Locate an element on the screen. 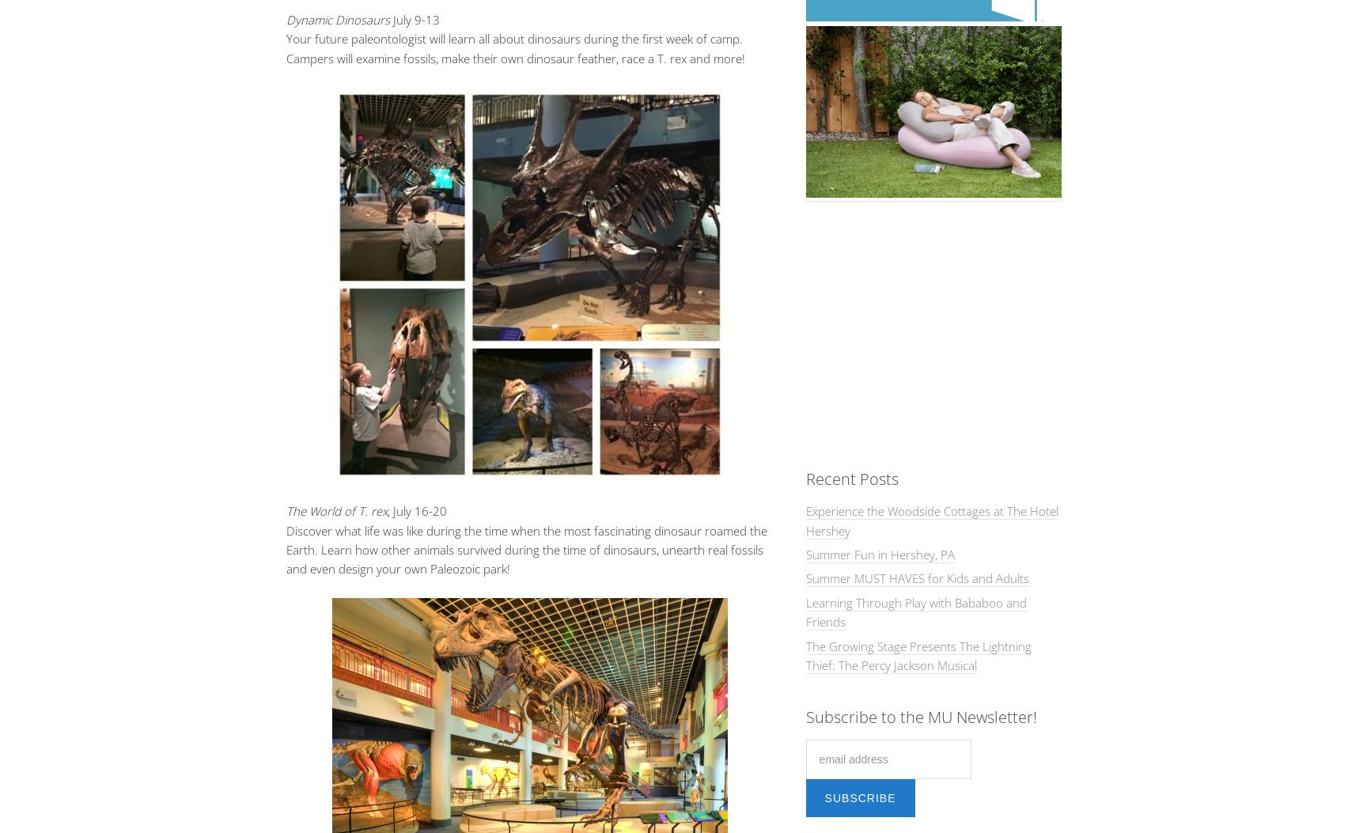  ', July 16-20' is located at coordinates (417, 510).